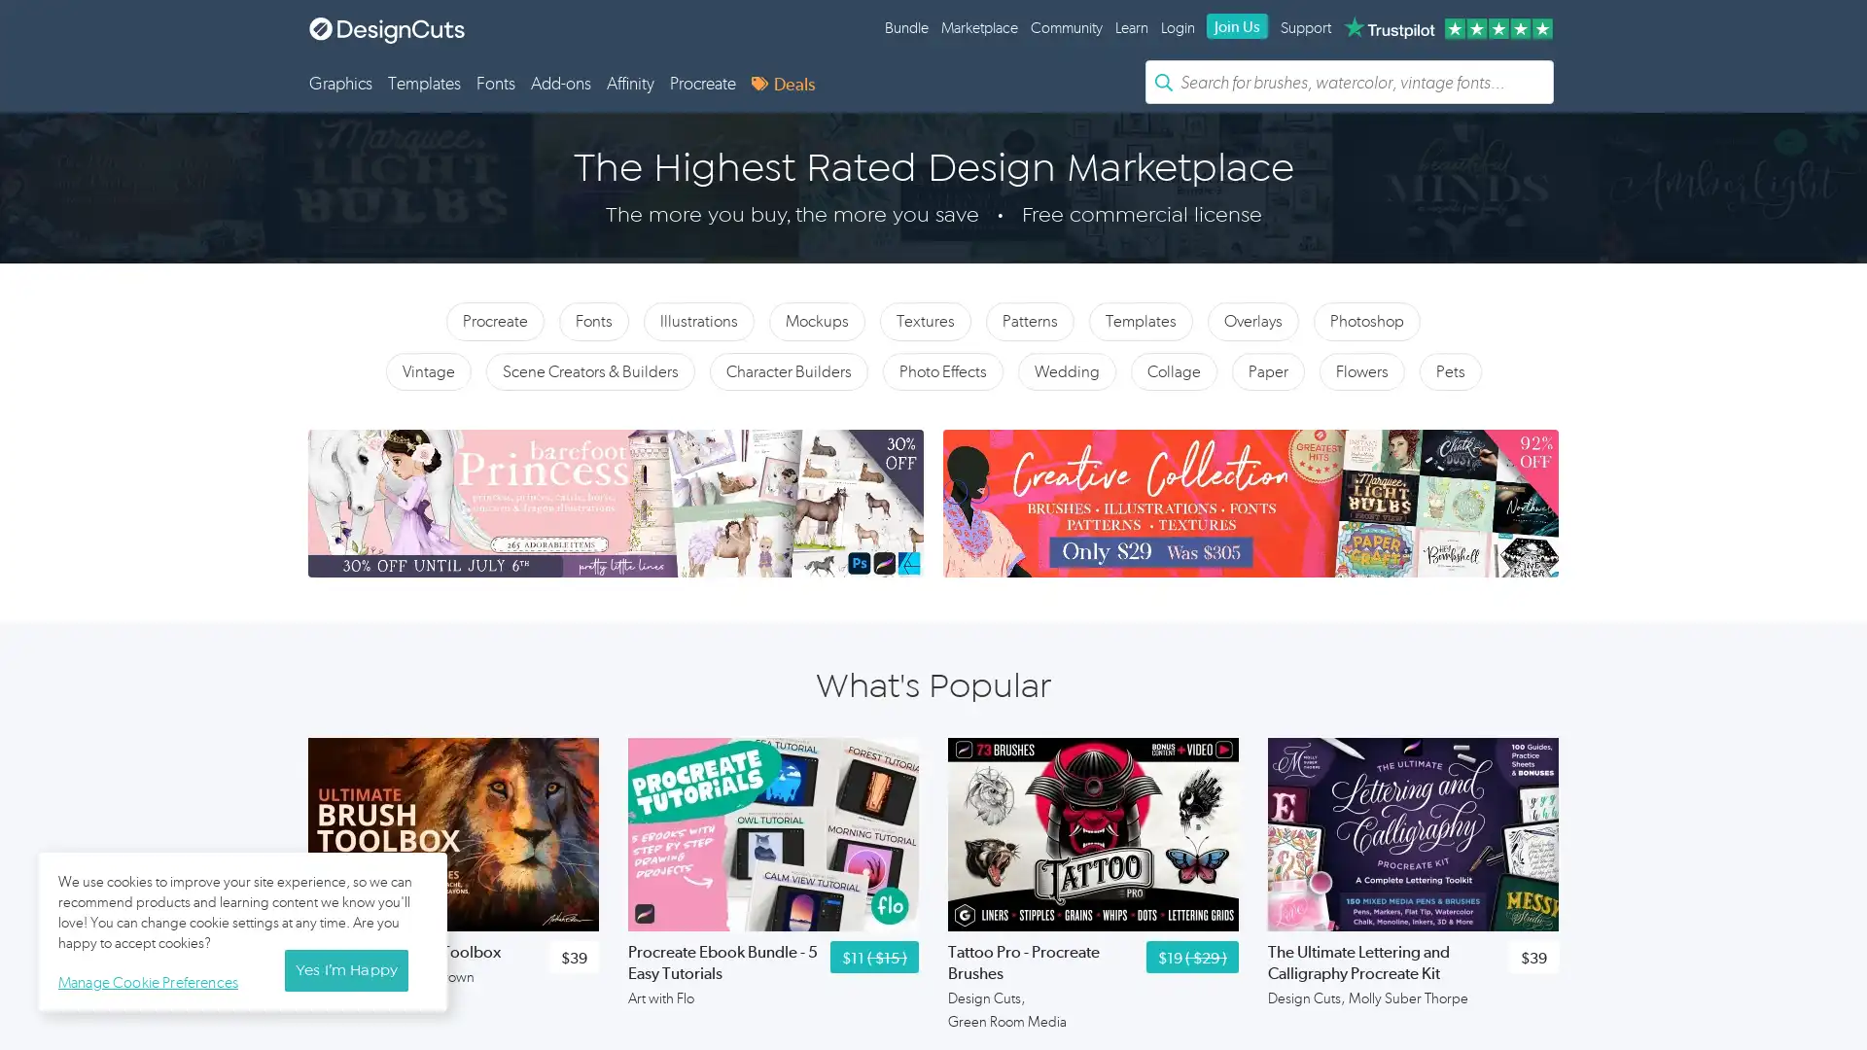 This screenshot has width=1867, height=1050. Describe the element at coordinates (152, 979) in the screenshot. I see `Manage Cookie Preferences` at that location.